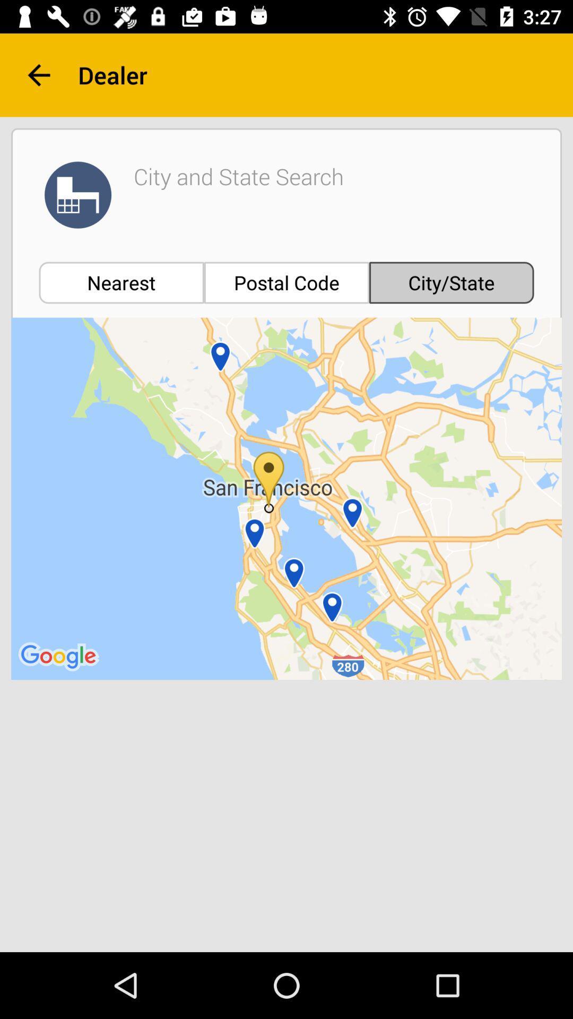 The width and height of the screenshot is (573, 1019). What do you see at coordinates (286, 282) in the screenshot?
I see `the item to the left of city/state item` at bounding box center [286, 282].